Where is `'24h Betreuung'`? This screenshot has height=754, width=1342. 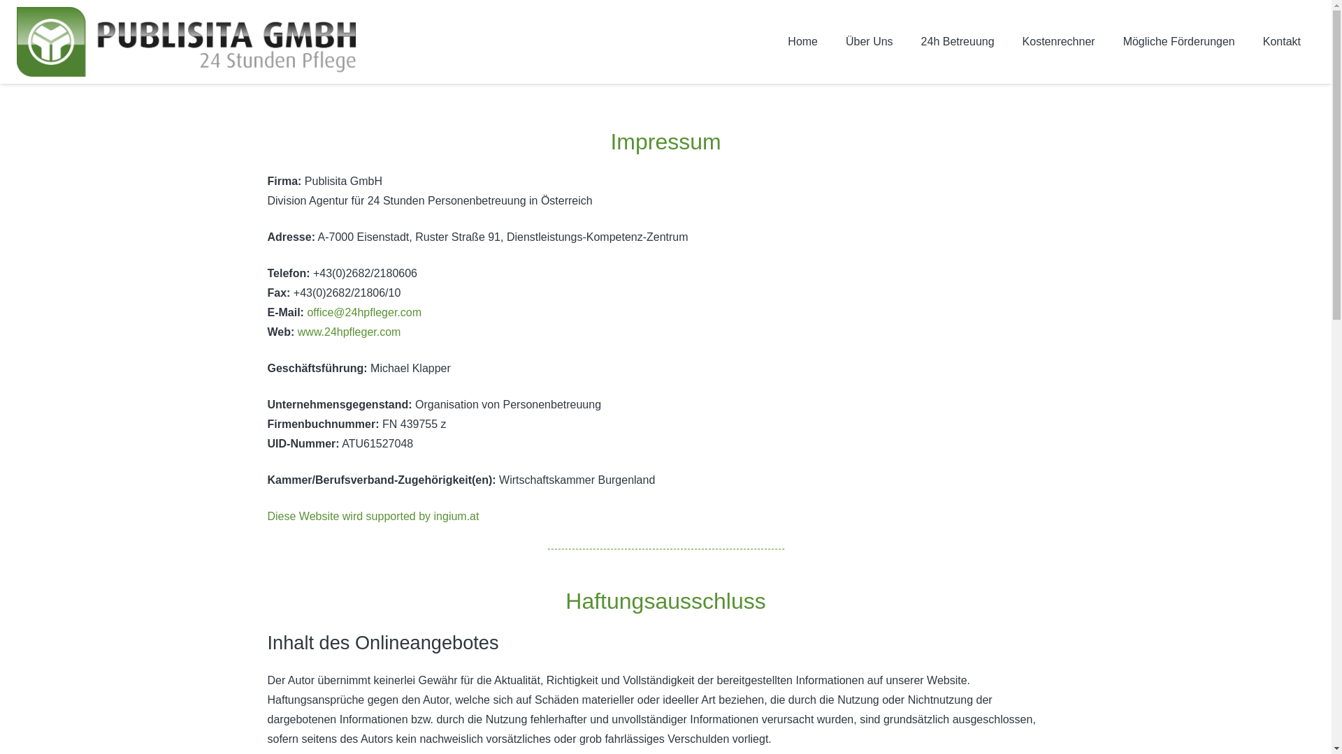 '24h Betreuung' is located at coordinates (957, 41).